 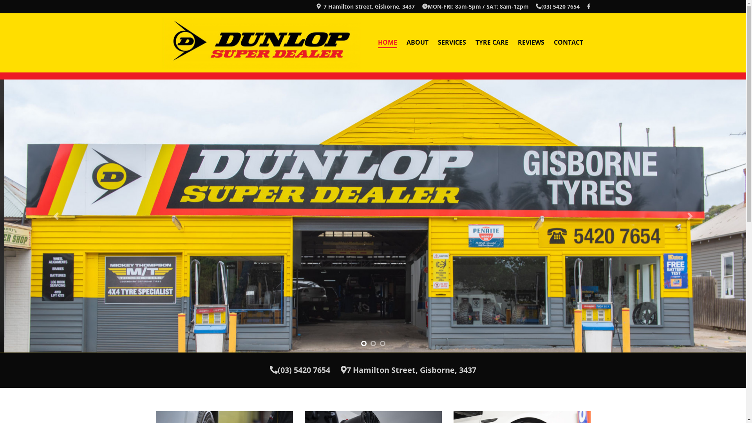 I want to click on '7 Hamilton Street, Gisborne, 3437', so click(x=365, y=6).